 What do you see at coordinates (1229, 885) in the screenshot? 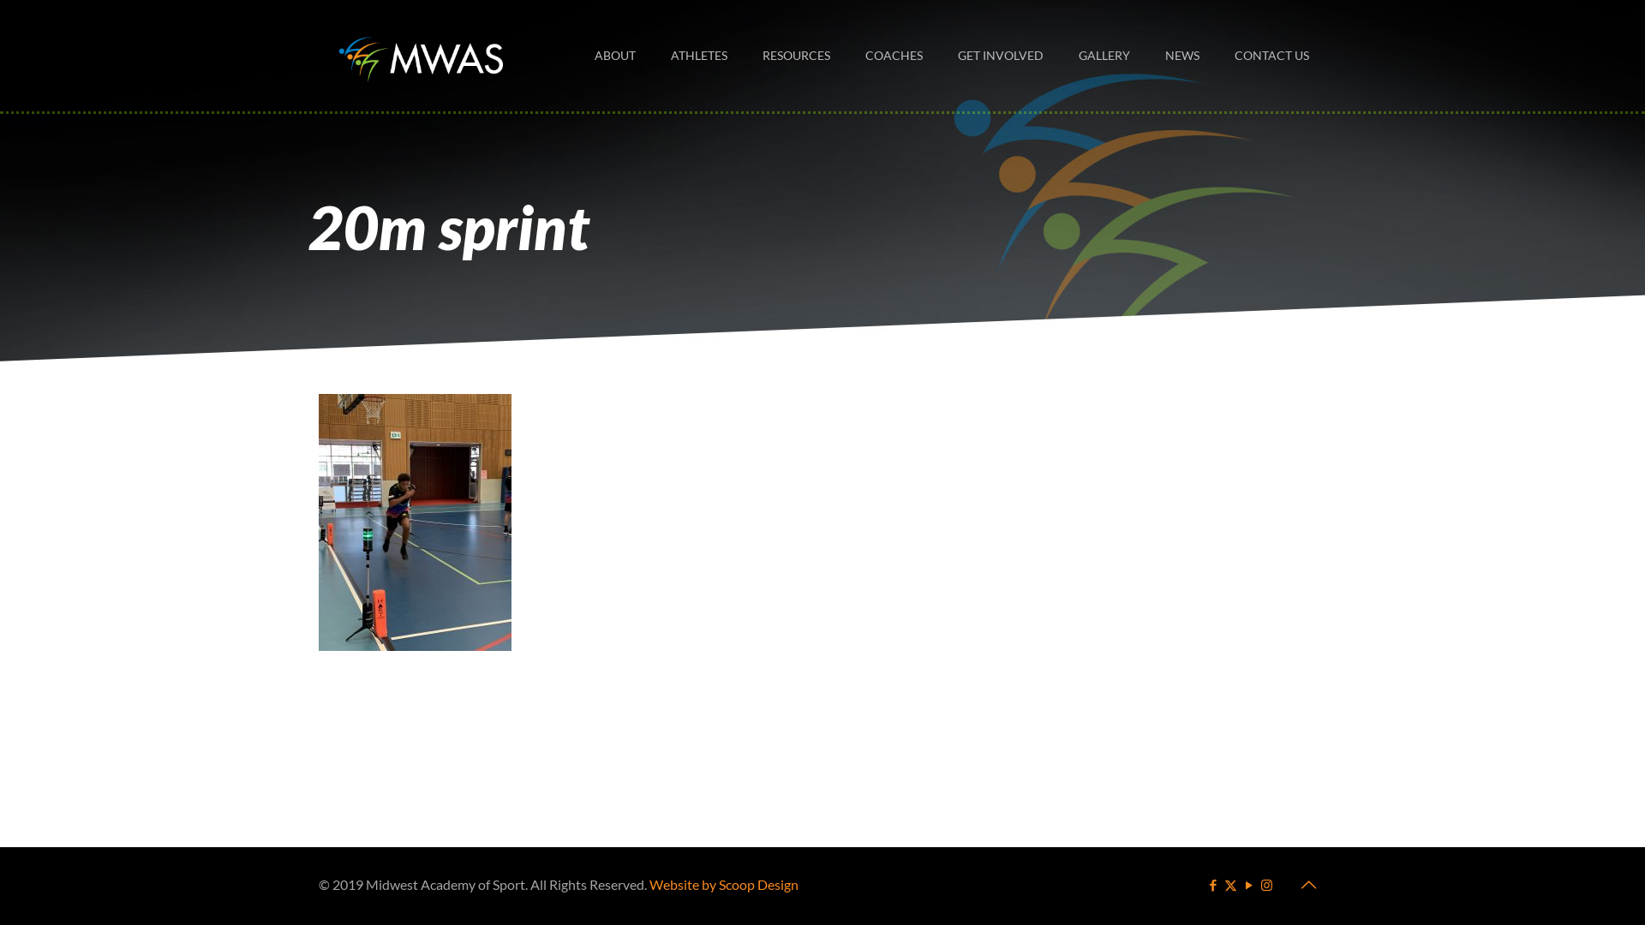
I see `'X (Twitter)'` at bounding box center [1229, 885].